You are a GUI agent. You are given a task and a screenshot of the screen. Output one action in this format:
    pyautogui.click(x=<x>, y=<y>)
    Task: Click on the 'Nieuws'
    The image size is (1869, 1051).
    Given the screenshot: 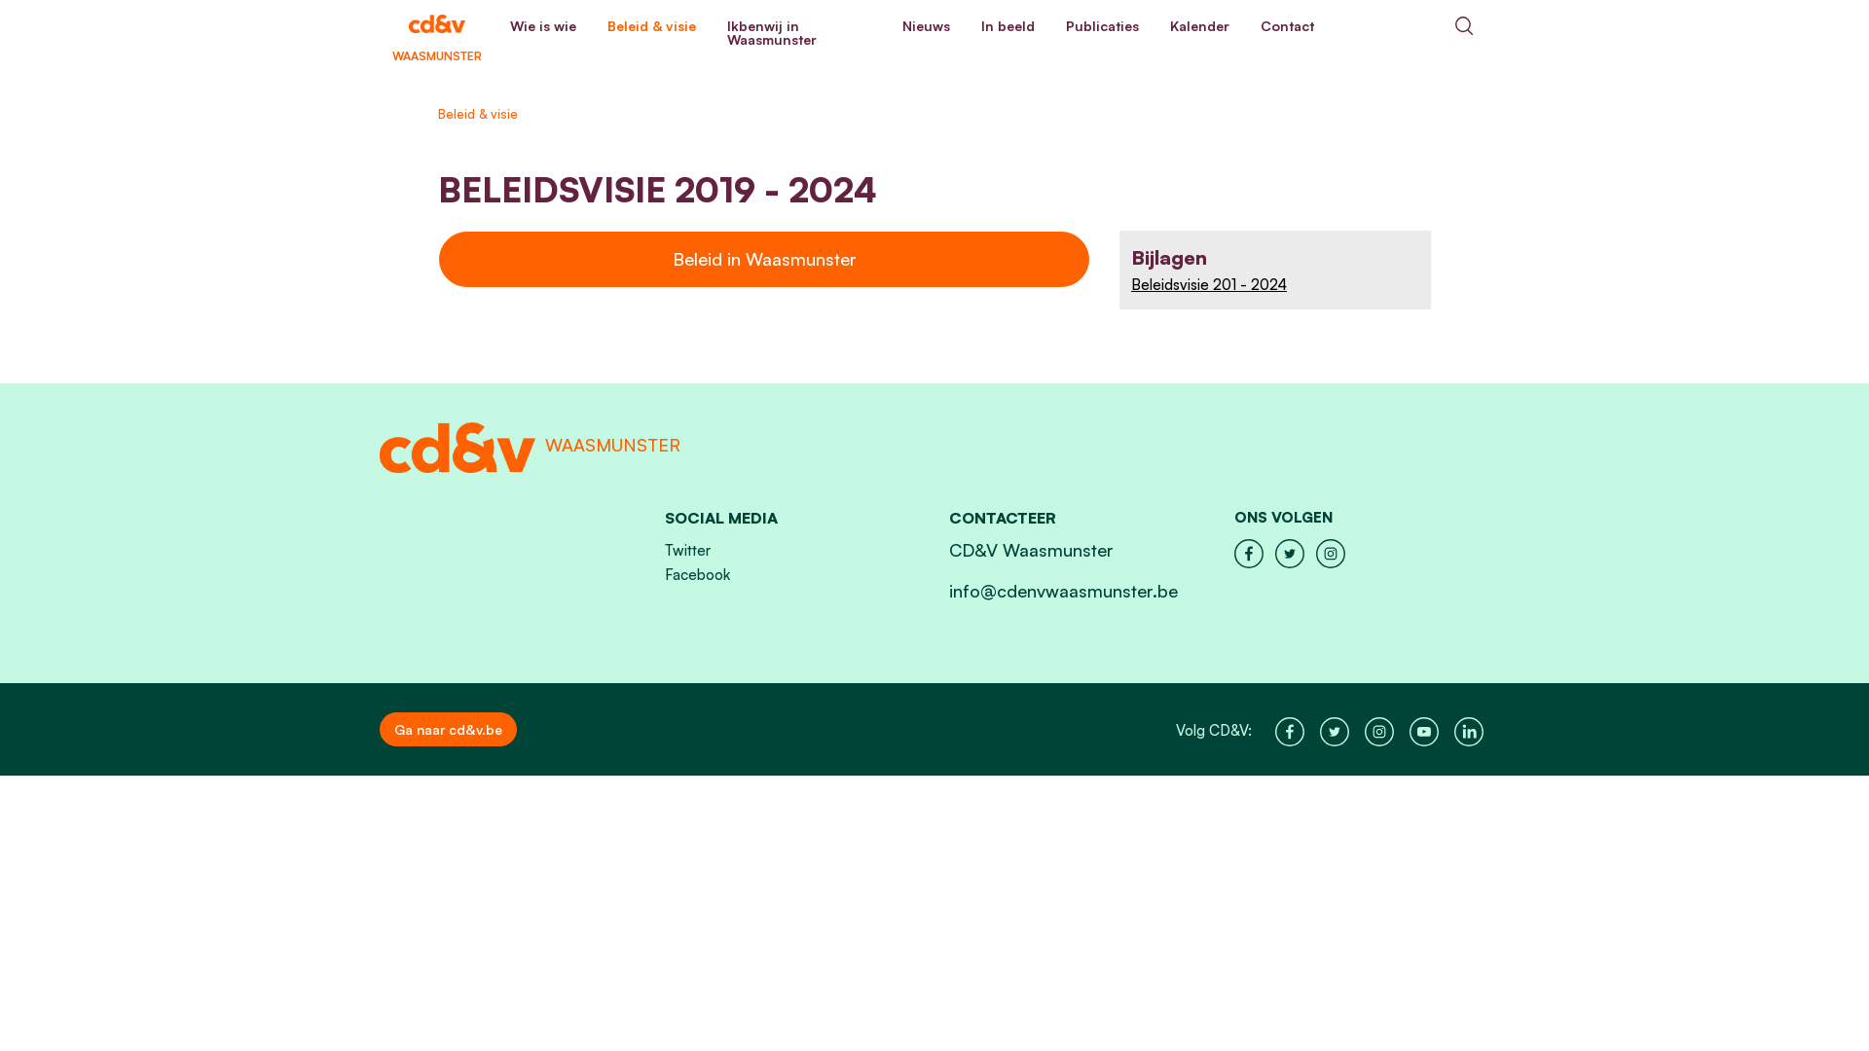 What is the action you would take?
    pyautogui.click(x=925, y=26)
    